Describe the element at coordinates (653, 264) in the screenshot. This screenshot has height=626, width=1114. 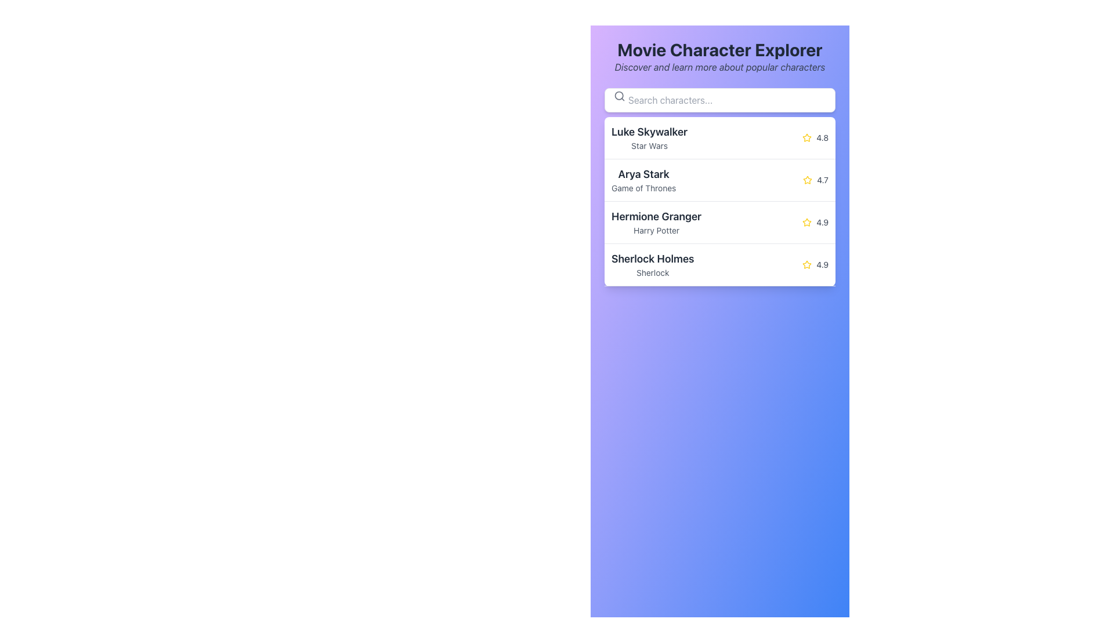
I see `the text block displaying 'Sherlock Holmes'` at that location.